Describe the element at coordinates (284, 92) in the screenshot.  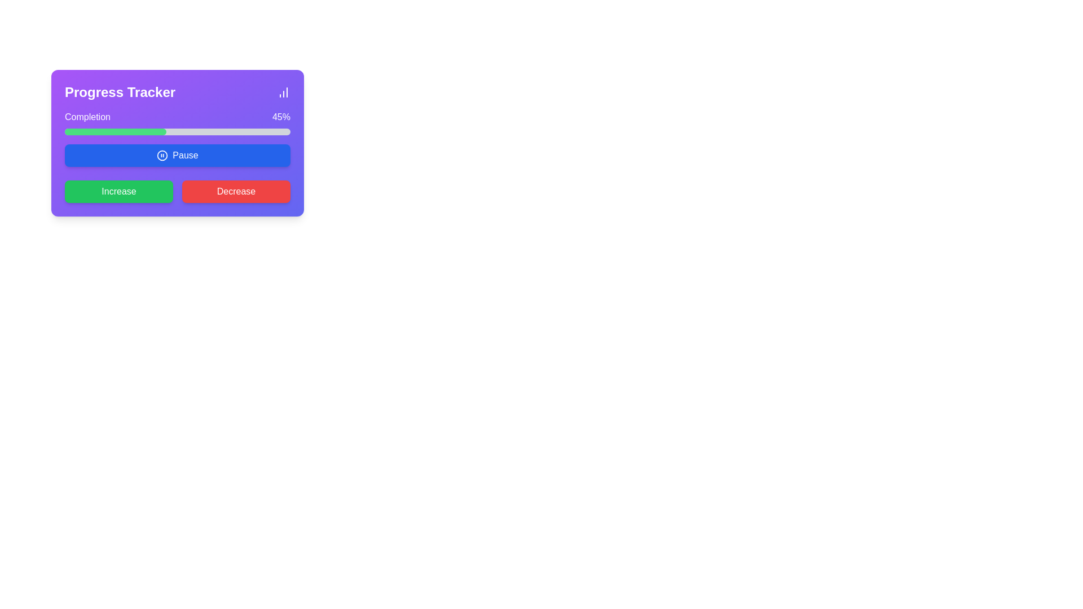
I see `the icon located at the top-right corner of the purple card labeled 'Progress Tracker', which serves as a visual indicator for accessing detailed statistical data or progress insights` at that location.